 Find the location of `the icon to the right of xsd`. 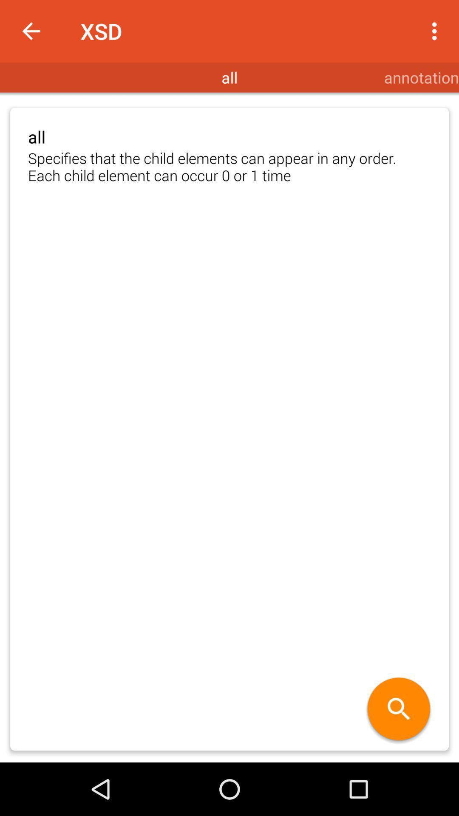

the icon to the right of xsd is located at coordinates (436, 31).